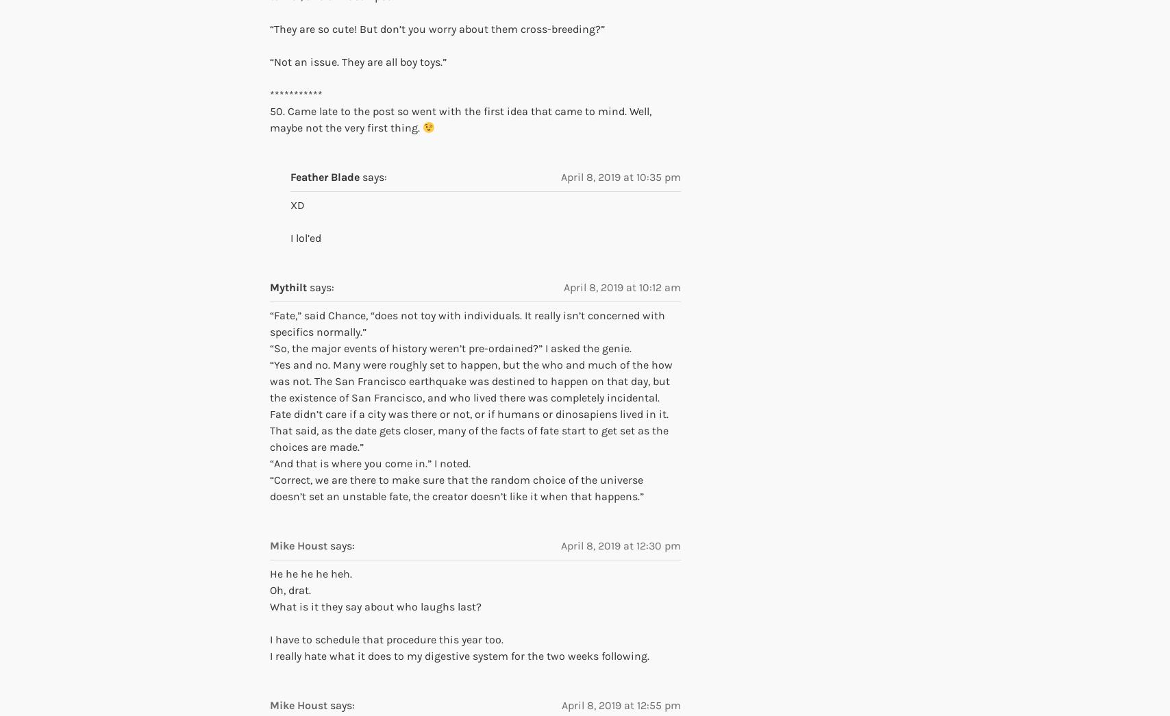  I want to click on 'April 8, 2019 at 10:35 pm', so click(621, 175).